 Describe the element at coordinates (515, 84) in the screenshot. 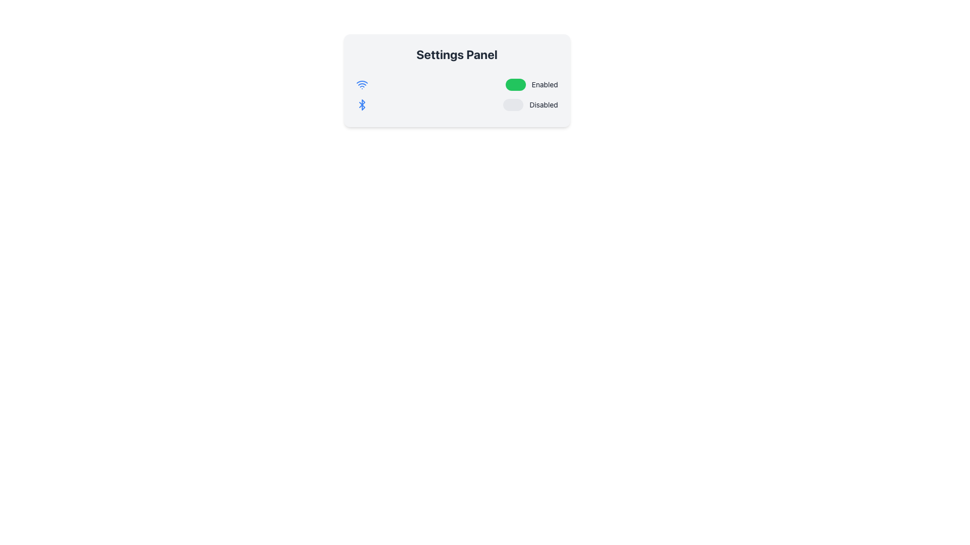

I see `the toggle switch located in the upper-right section of the interface, which serves as a visual indicator for the 'Enabled' setting` at that location.